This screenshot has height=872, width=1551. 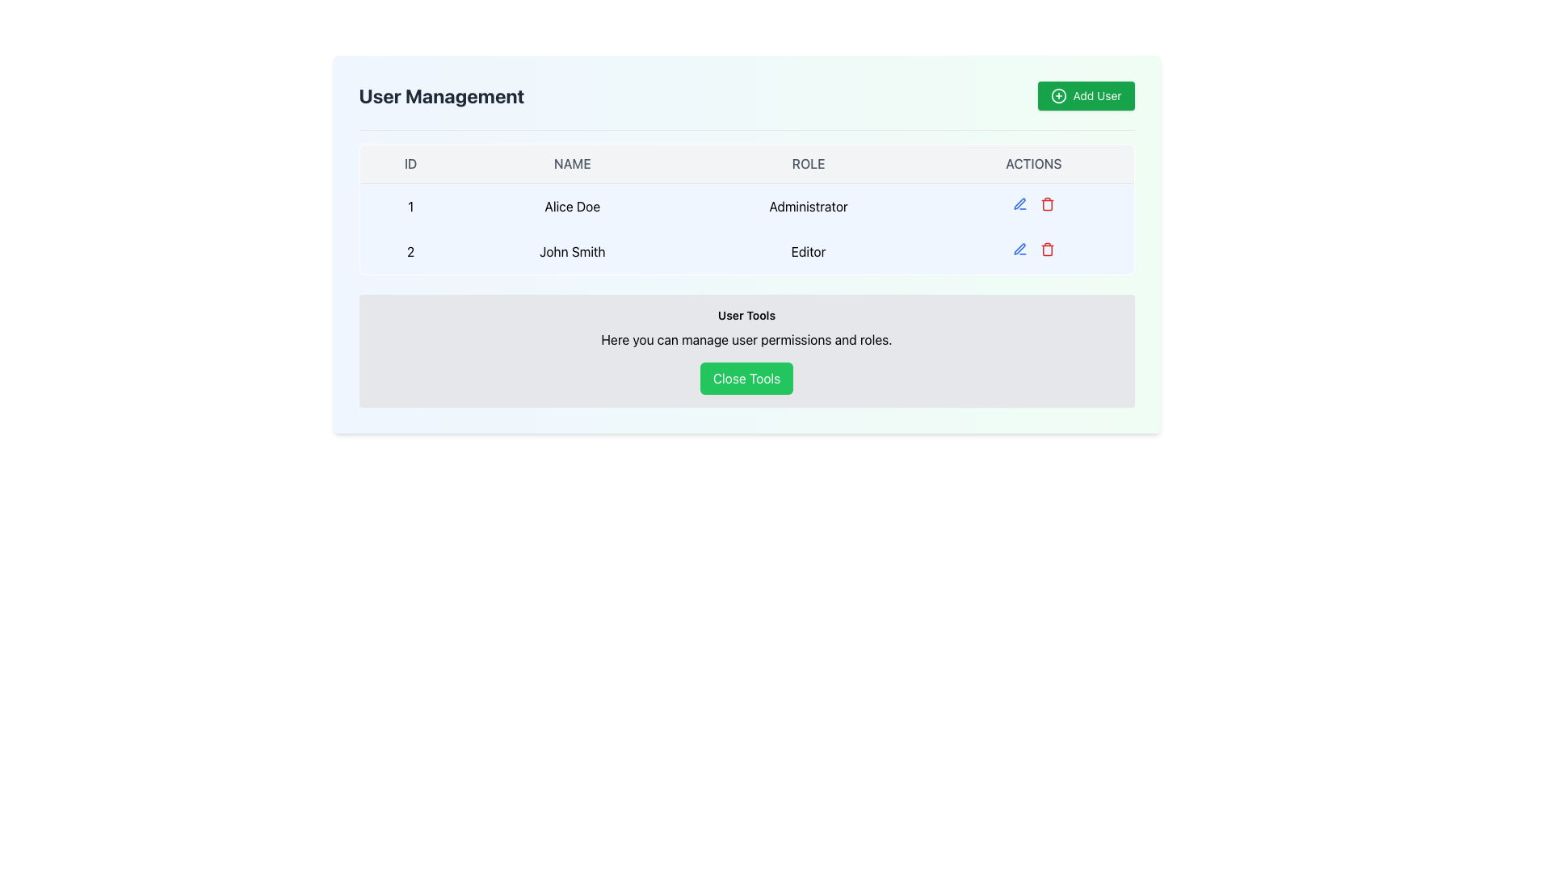 I want to click on the text label displaying 'ROLE' in uppercase, which is centrally located in the header row of the table layout, between the 'NAME' and 'ACTIONS' cells, so click(x=809, y=164).